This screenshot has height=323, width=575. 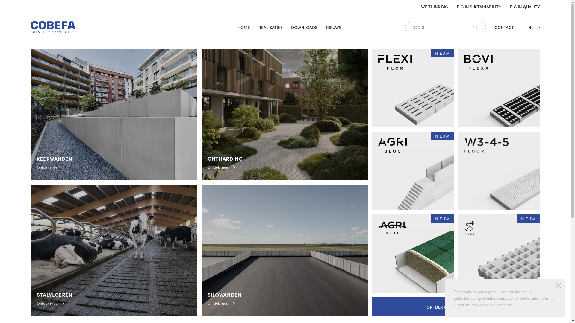 I want to click on 'HOME', so click(x=244, y=27).